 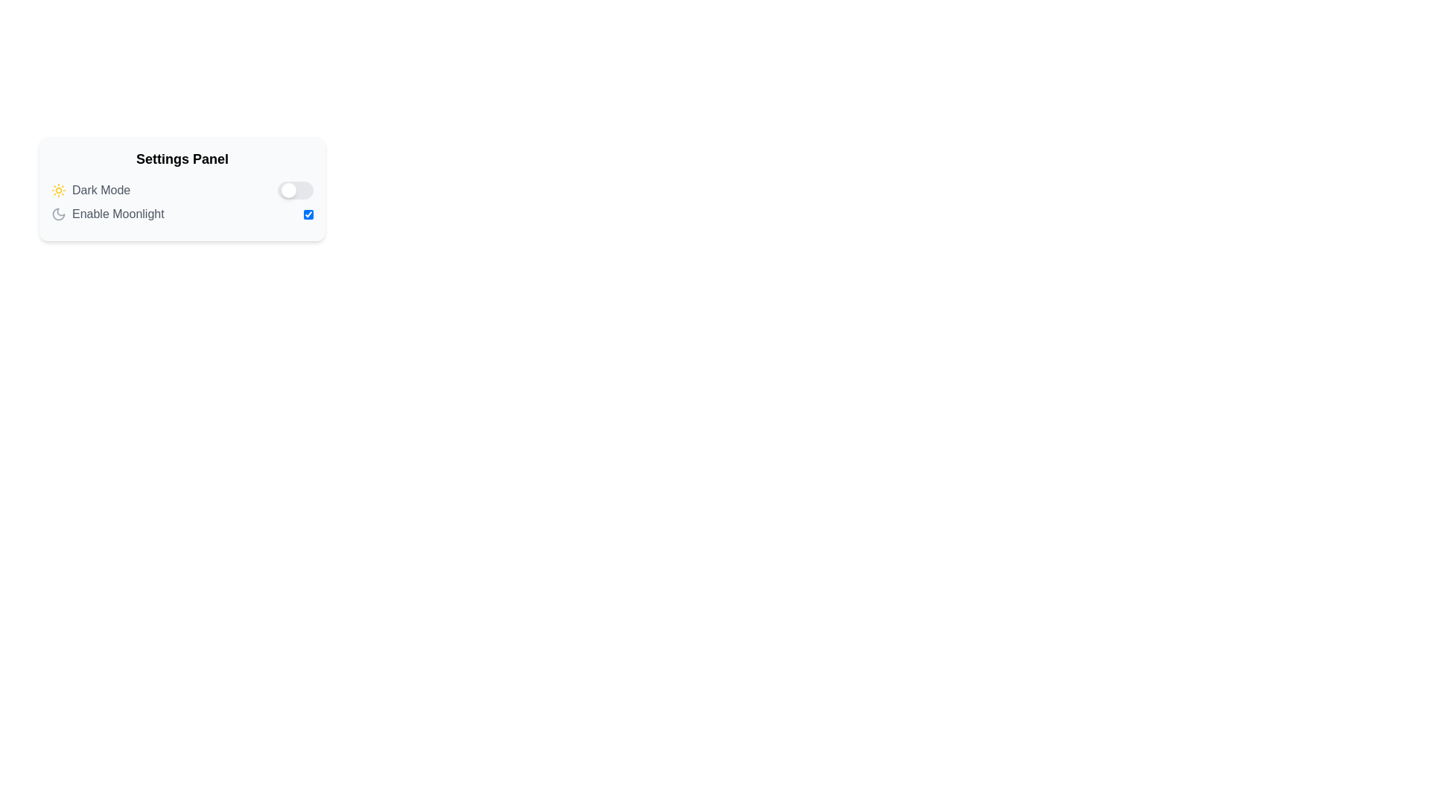 I want to click on the crescent moon icon, which is outlined in light gray and located to the left of the 'Enable Moonlight' text in the settings panel, so click(x=58, y=214).